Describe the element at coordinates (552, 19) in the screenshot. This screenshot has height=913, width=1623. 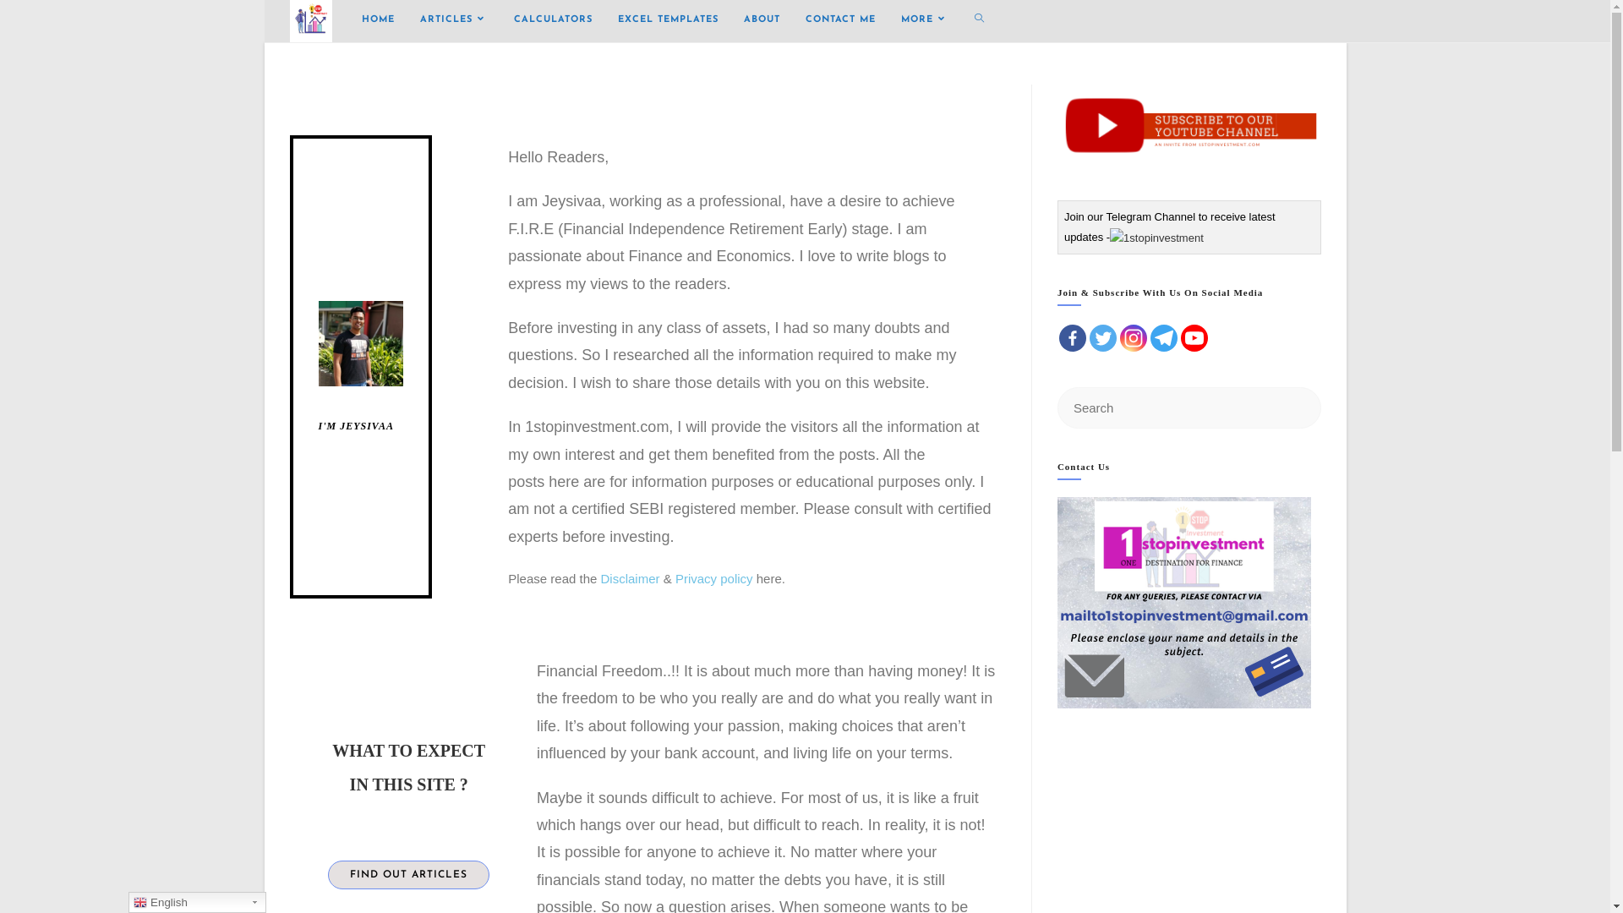
I see `'CALCULATORS'` at that location.